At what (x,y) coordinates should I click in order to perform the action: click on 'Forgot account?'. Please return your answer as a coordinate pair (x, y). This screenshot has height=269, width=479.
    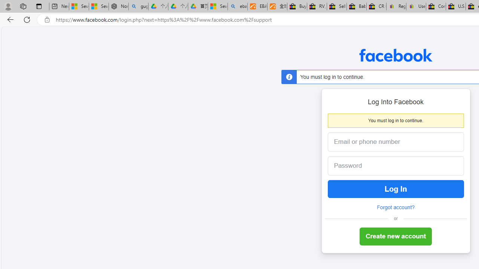
    Looking at the image, I should click on (395, 207).